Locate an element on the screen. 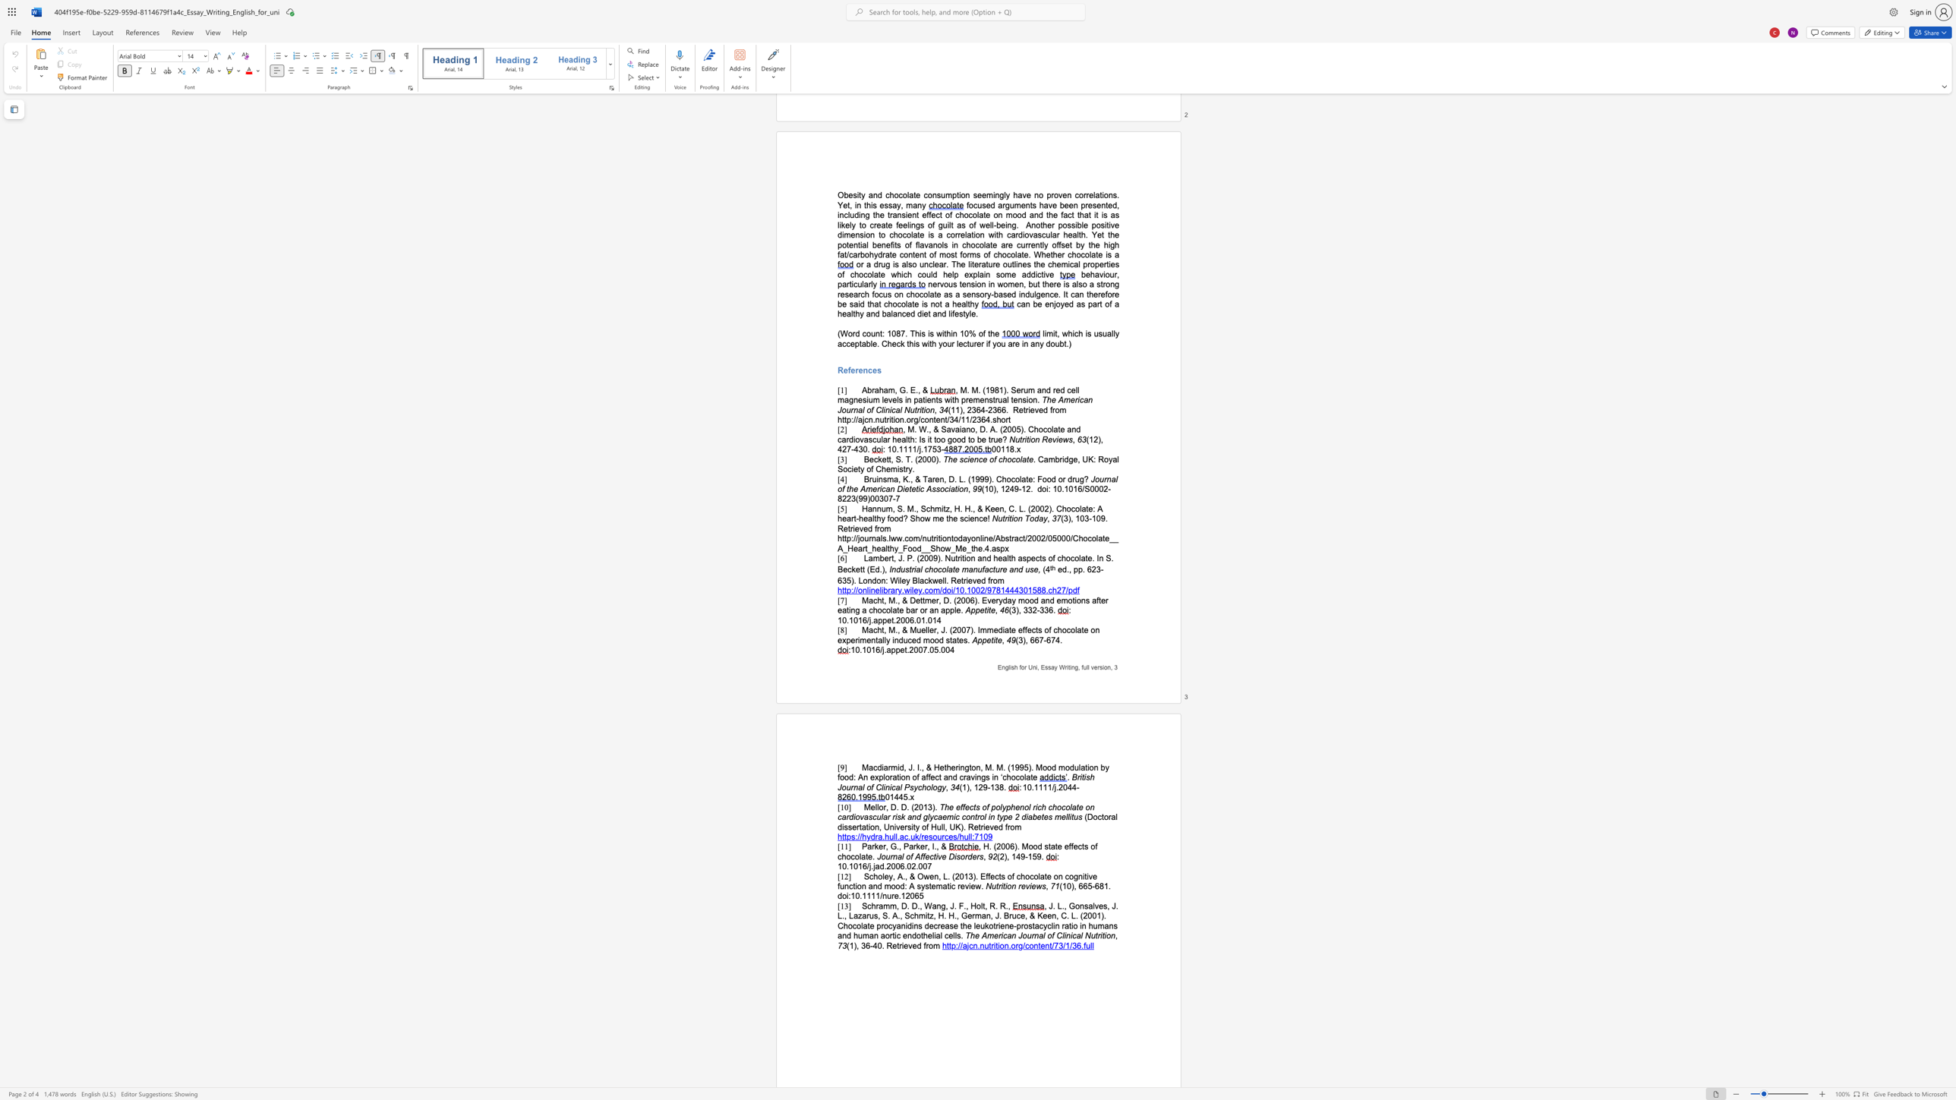 The height and width of the screenshot is (1100, 1956). the subset text "2)" within the text "(2), 149-159." is located at coordinates (999, 856).